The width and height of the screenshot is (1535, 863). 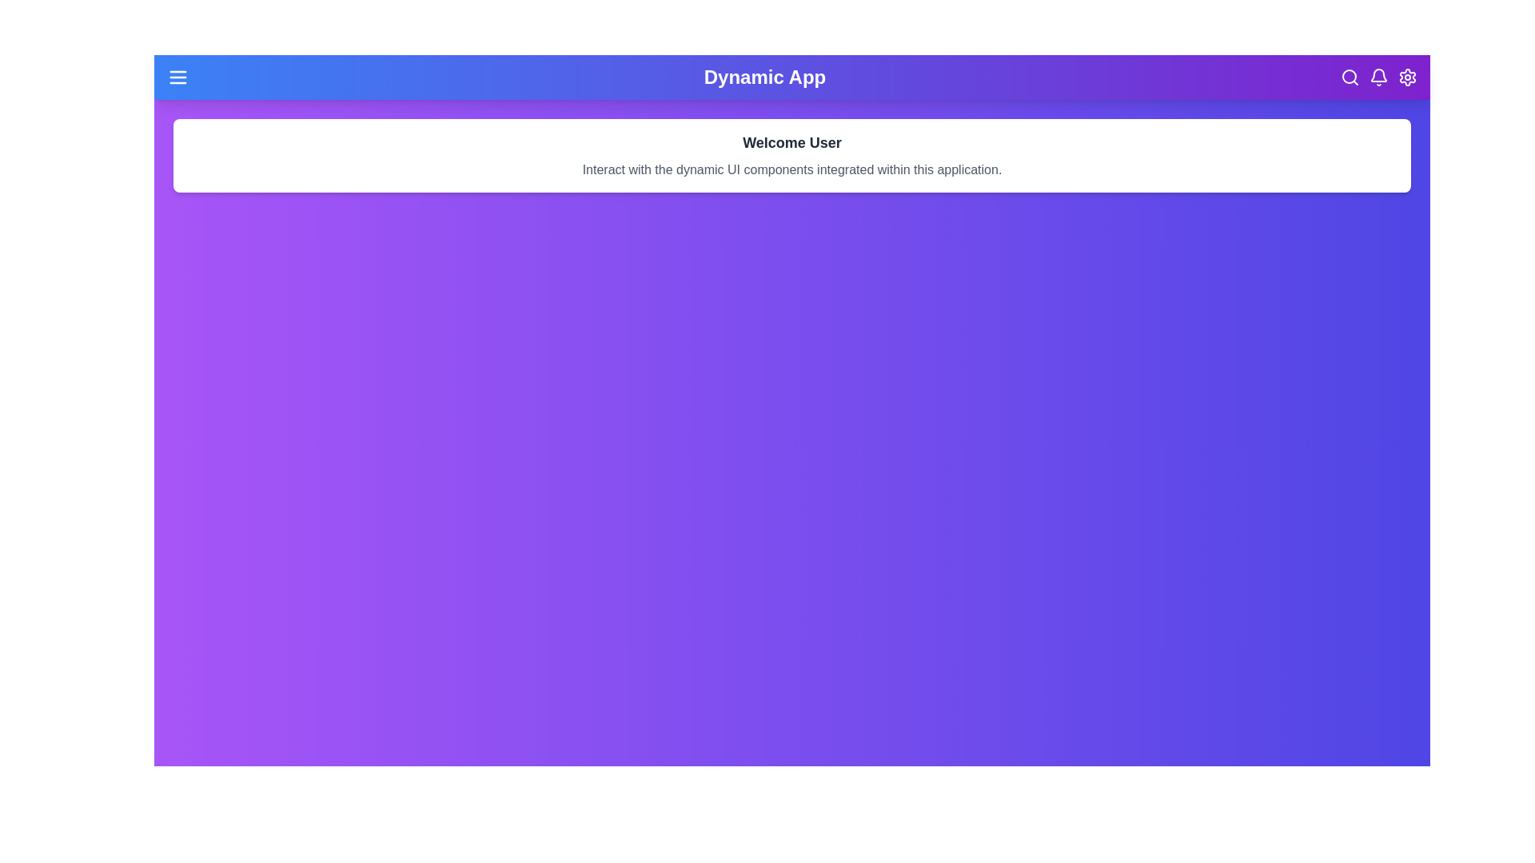 I want to click on the bell icon to open the notifications, so click(x=1378, y=77).